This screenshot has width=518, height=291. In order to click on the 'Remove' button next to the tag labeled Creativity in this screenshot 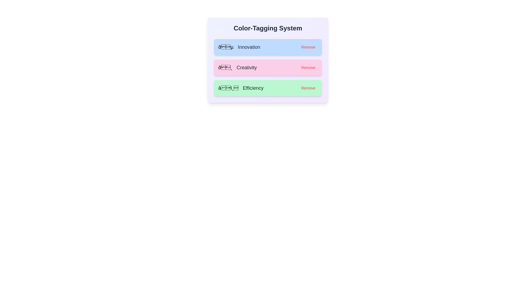, I will do `click(308, 67)`.